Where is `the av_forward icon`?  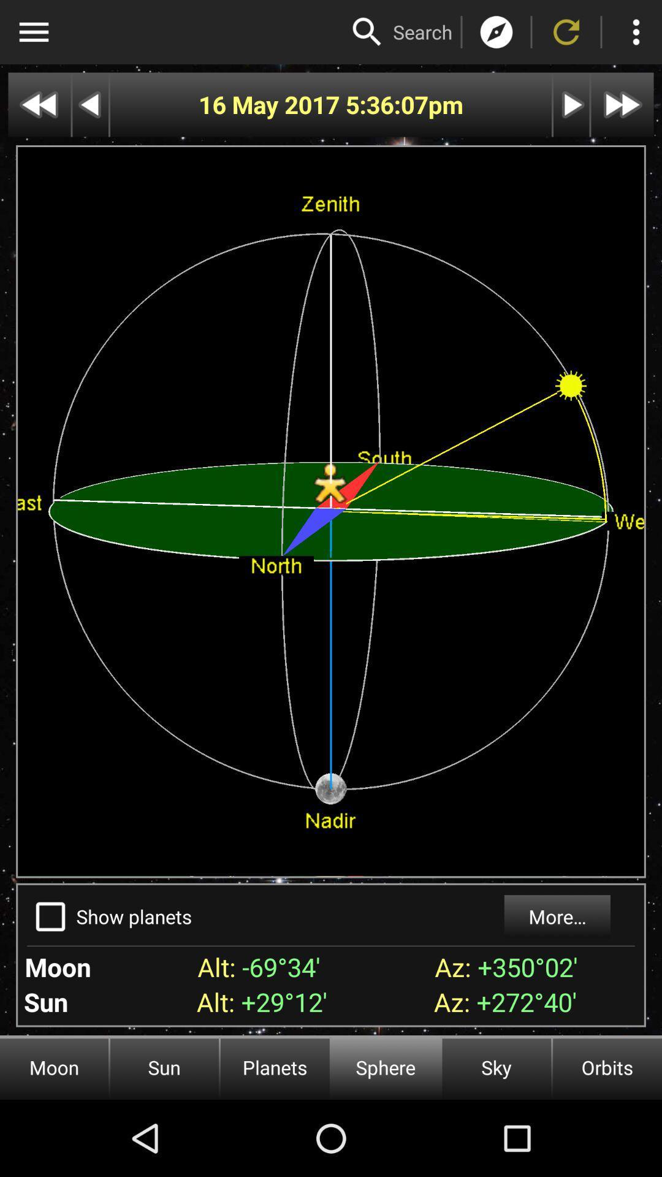
the av_forward icon is located at coordinates (622, 105).